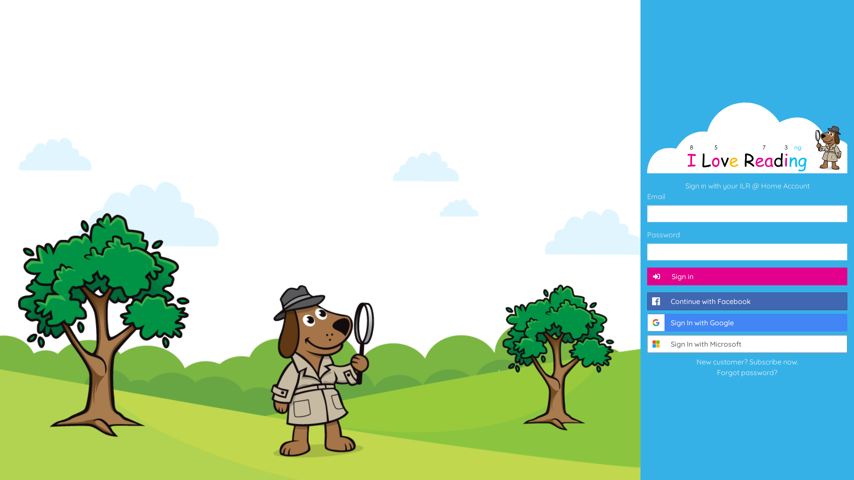 The height and width of the screenshot is (480, 854). What do you see at coordinates (747, 276) in the screenshot?
I see `'Sign in'` at bounding box center [747, 276].